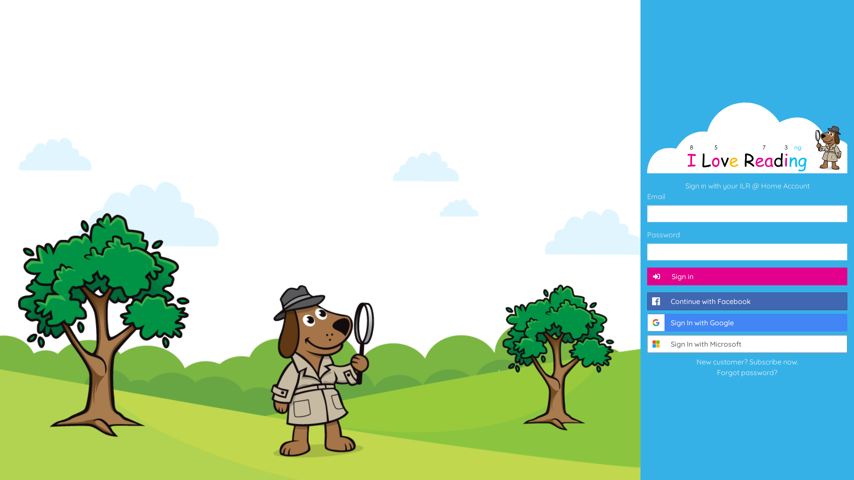 The height and width of the screenshot is (480, 854). What do you see at coordinates (747, 276) in the screenshot?
I see `'Sign in'` at bounding box center [747, 276].